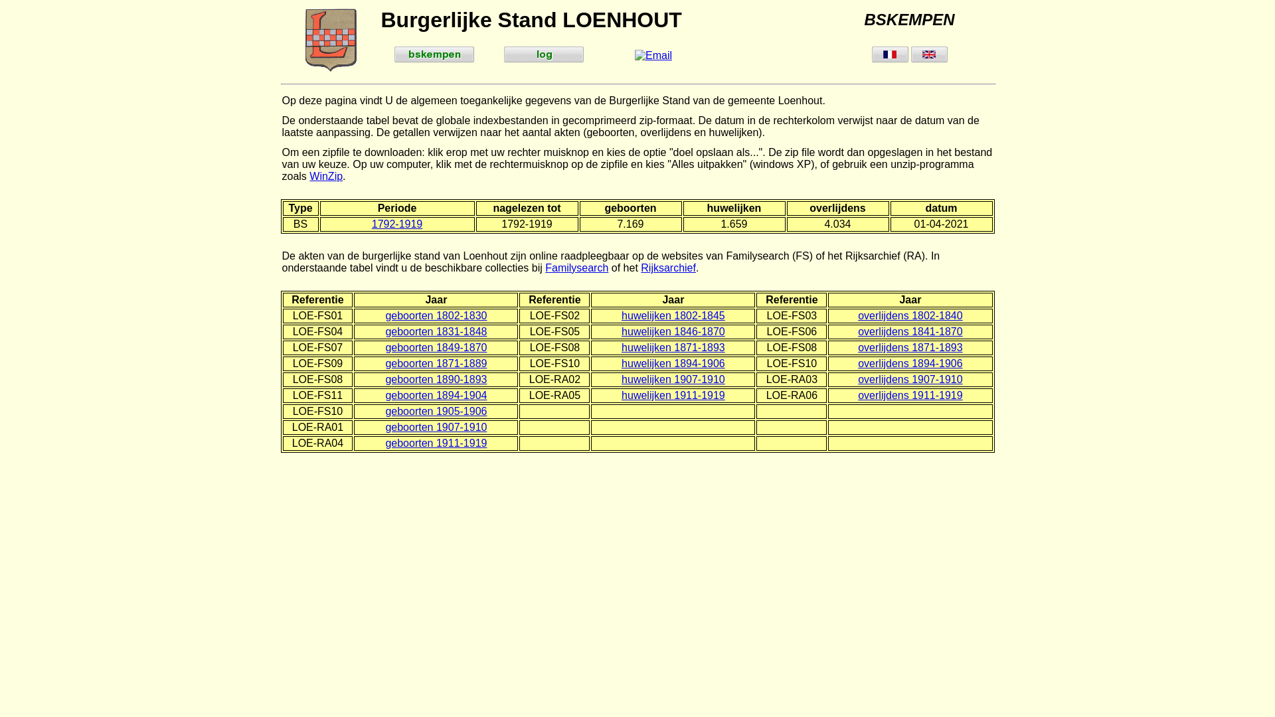 The width and height of the screenshot is (1275, 717). What do you see at coordinates (909, 379) in the screenshot?
I see `'overlijdens 1907-1910'` at bounding box center [909, 379].